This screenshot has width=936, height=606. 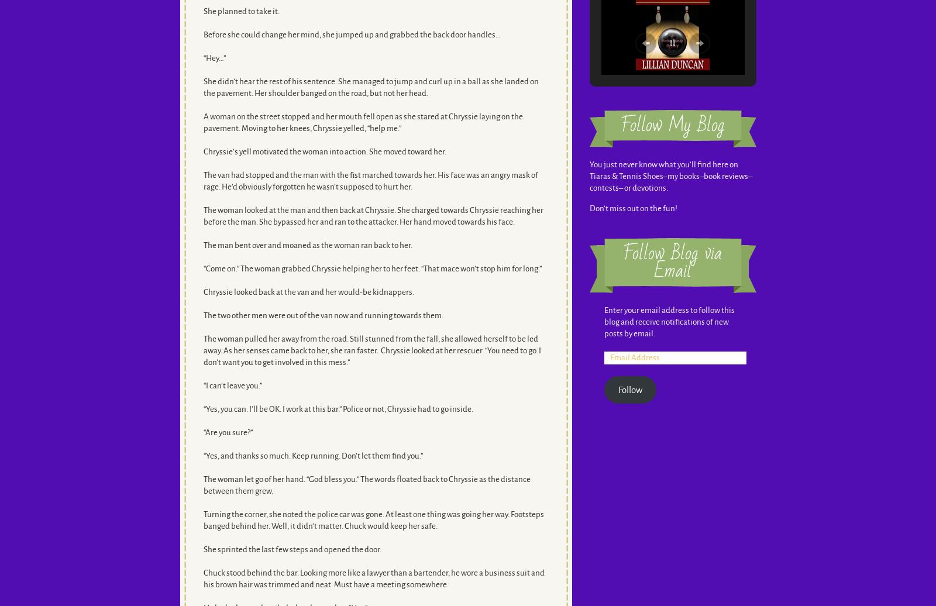 I want to click on 'She sprinted the last few steps and opened the door.', so click(x=203, y=549).